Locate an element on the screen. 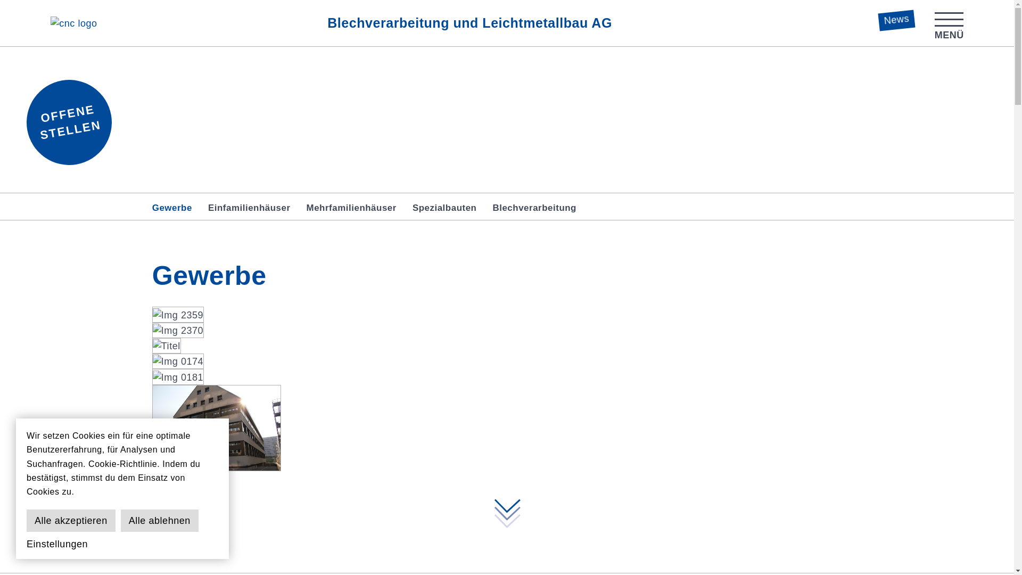 The image size is (1022, 575). 'OFFENE STELLEN' is located at coordinates (66, 117).